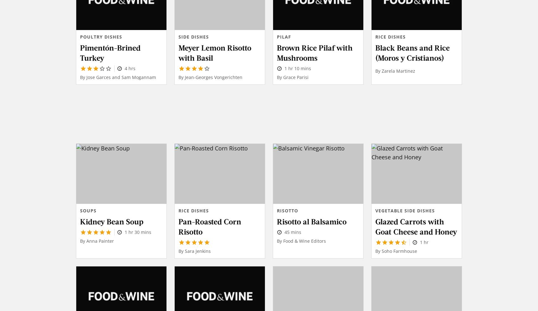 Image resolution: width=538 pixels, height=311 pixels. I want to click on 'Brown Rice Pilaf with Mushrooms', so click(314, 52).